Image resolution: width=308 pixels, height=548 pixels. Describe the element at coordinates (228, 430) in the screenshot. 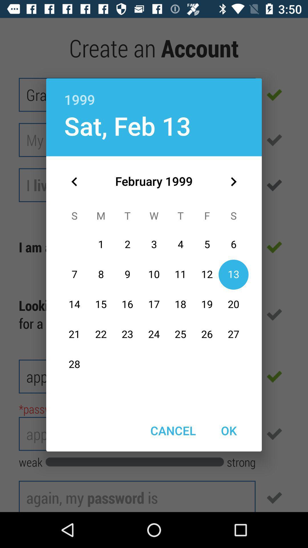

I see `the ok at the bottom right corner` at that location.